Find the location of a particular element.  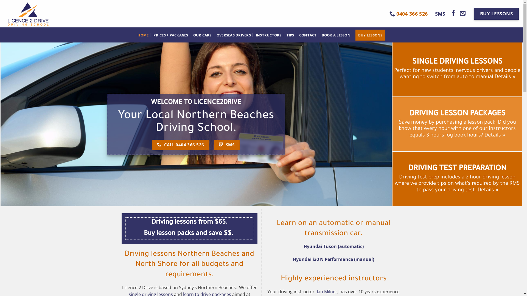

'HOME' is located at coordinates (143, 35).